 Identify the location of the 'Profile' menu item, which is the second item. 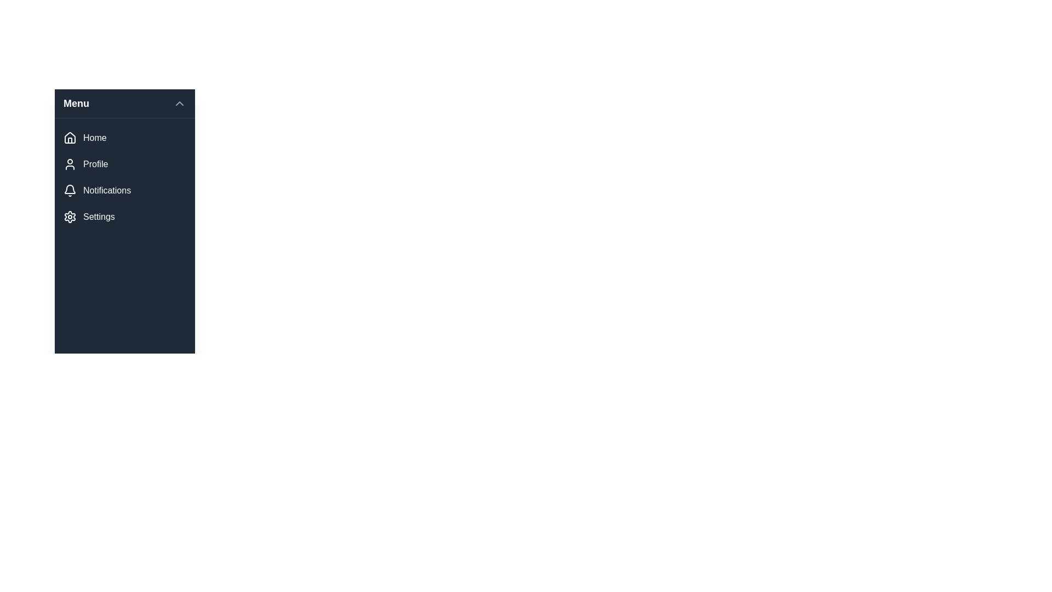
(124, 164).